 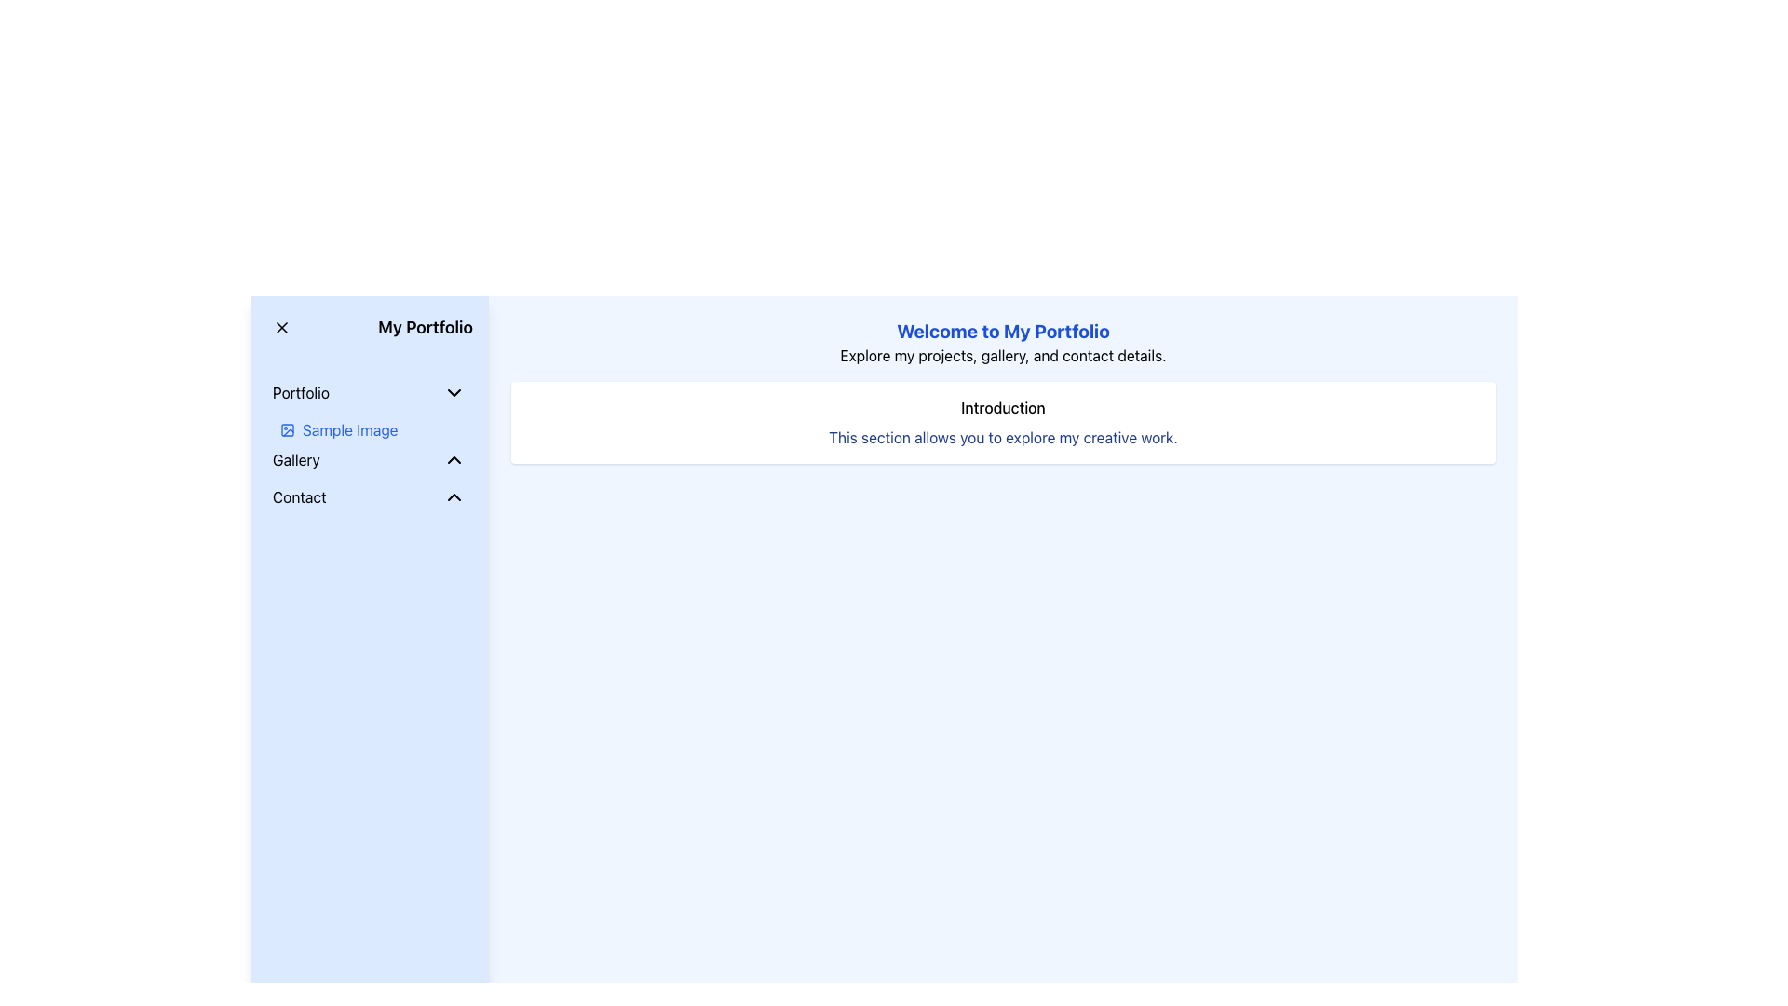 I want to click on the 'Gallery' text label in the left-hand side navigation panel, so click(x=295, y=459).